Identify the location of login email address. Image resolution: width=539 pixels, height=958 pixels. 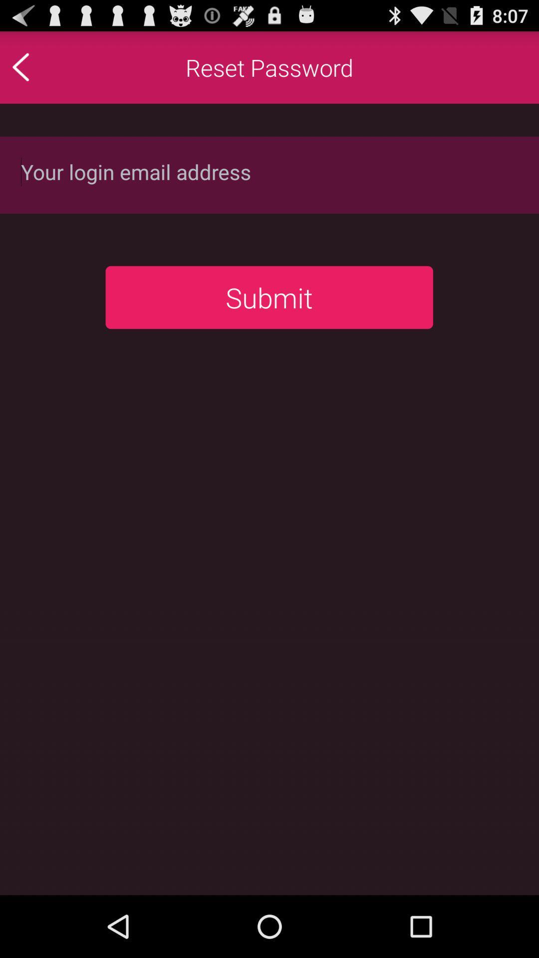
(269, 174).